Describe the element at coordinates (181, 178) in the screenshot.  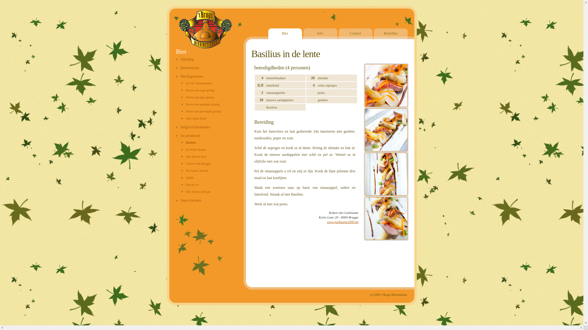
I see `'Judith'` at that location.